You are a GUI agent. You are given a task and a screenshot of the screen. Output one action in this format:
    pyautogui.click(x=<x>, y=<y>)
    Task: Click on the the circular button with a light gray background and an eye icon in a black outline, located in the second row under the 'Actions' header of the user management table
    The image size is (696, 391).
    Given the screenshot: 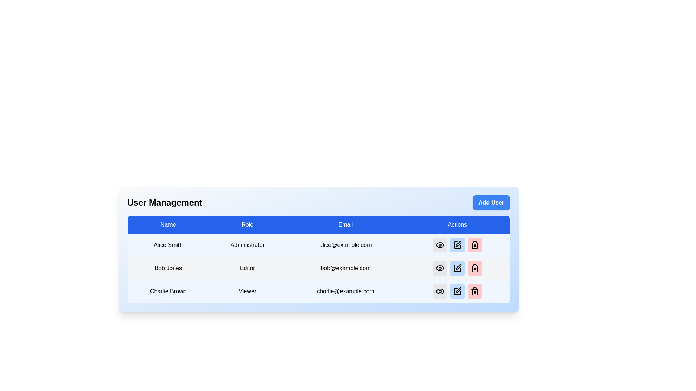 What is the action you would take?
    pyautogui.click(x=439, y=268)
    